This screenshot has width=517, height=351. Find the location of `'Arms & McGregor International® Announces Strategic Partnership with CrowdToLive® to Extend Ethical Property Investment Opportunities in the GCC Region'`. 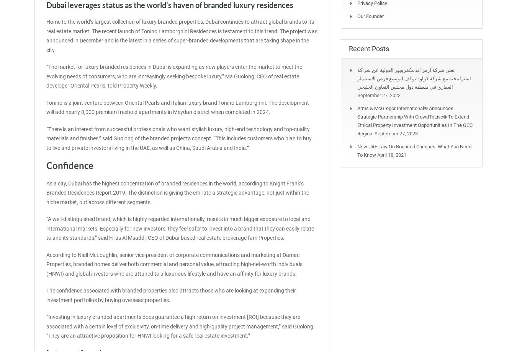

'Arms & McGregor International® Announces Strategic Partnership with CrowdToLive® to Extend Ethical Property Investment Opportunities in the GCC Region' is located at coordinates (415, 121).